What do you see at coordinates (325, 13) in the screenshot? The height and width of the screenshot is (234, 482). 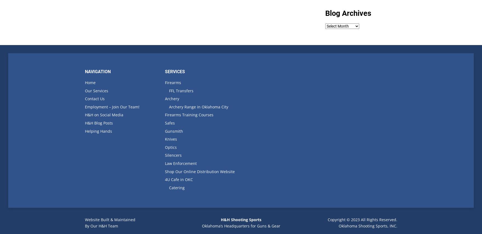 I see `'Blog Archives'` at bounding box center [325, 13].